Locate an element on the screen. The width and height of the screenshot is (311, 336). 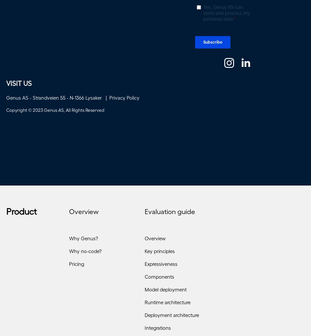
'Why Genus?' is located at coordinates (83, 240).